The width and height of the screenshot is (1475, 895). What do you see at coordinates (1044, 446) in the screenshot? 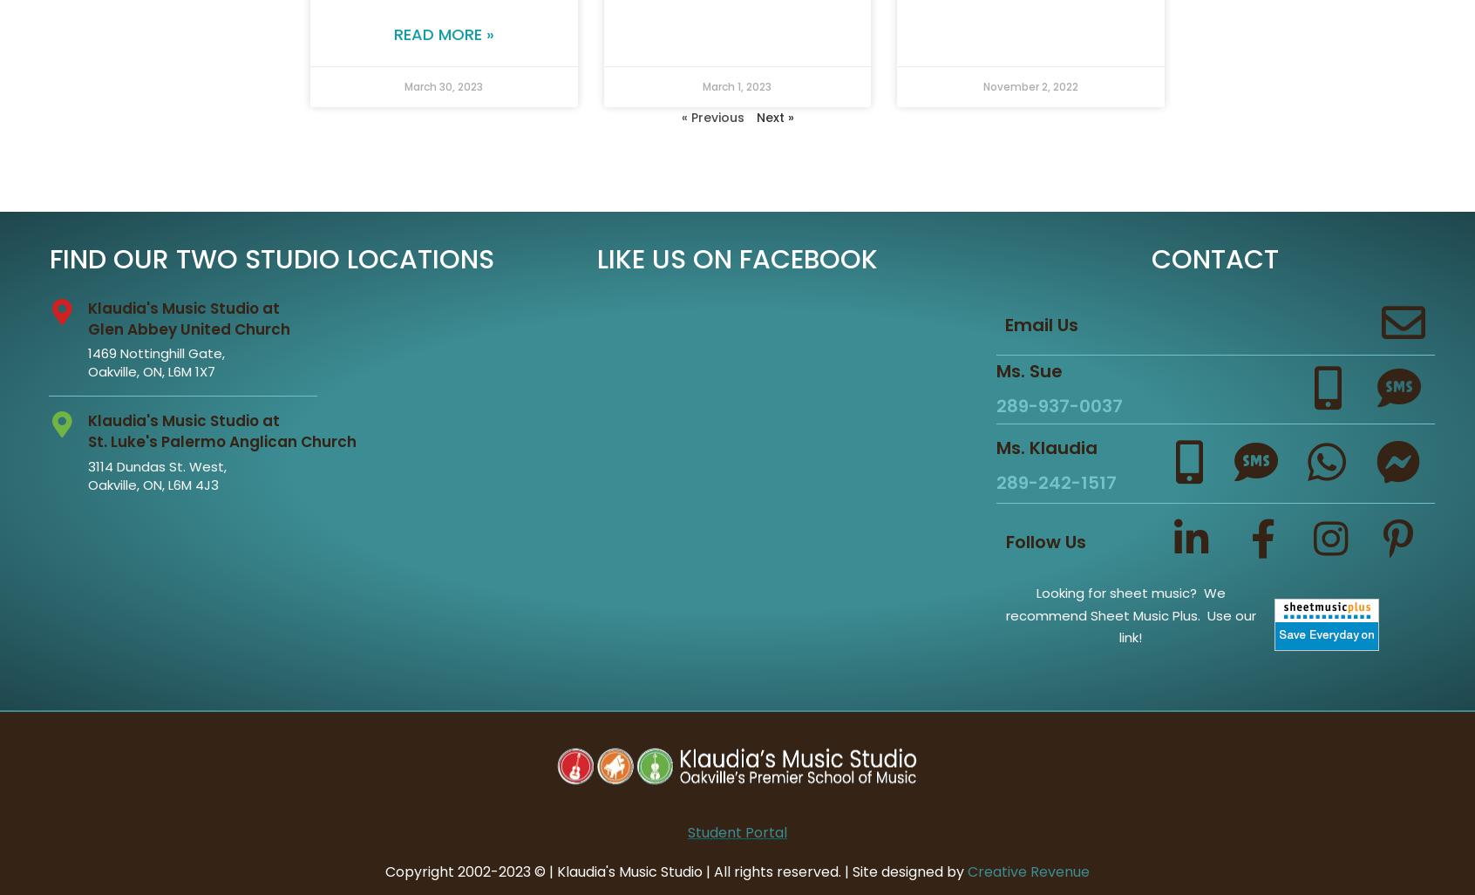
I see `'Ms. Klaudia'` at bounding box center [1044, 446].